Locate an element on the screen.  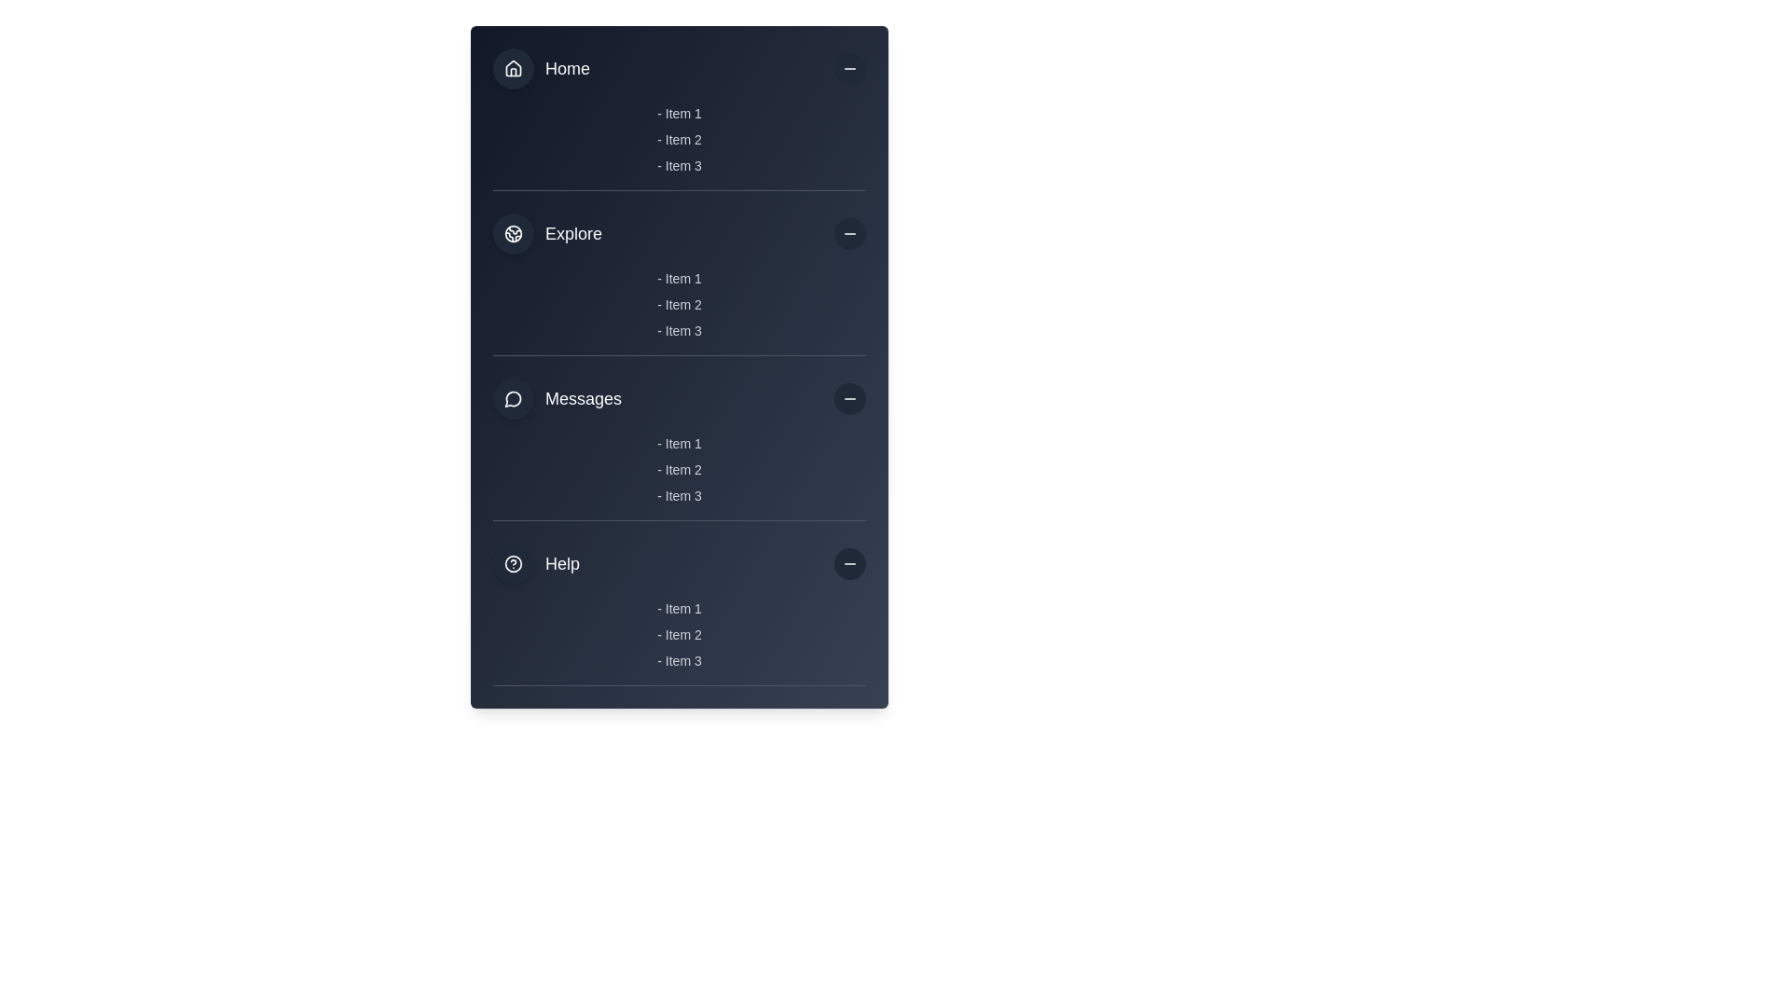
the List item text representing '- Item 2' is located at coordinates (679, 139).